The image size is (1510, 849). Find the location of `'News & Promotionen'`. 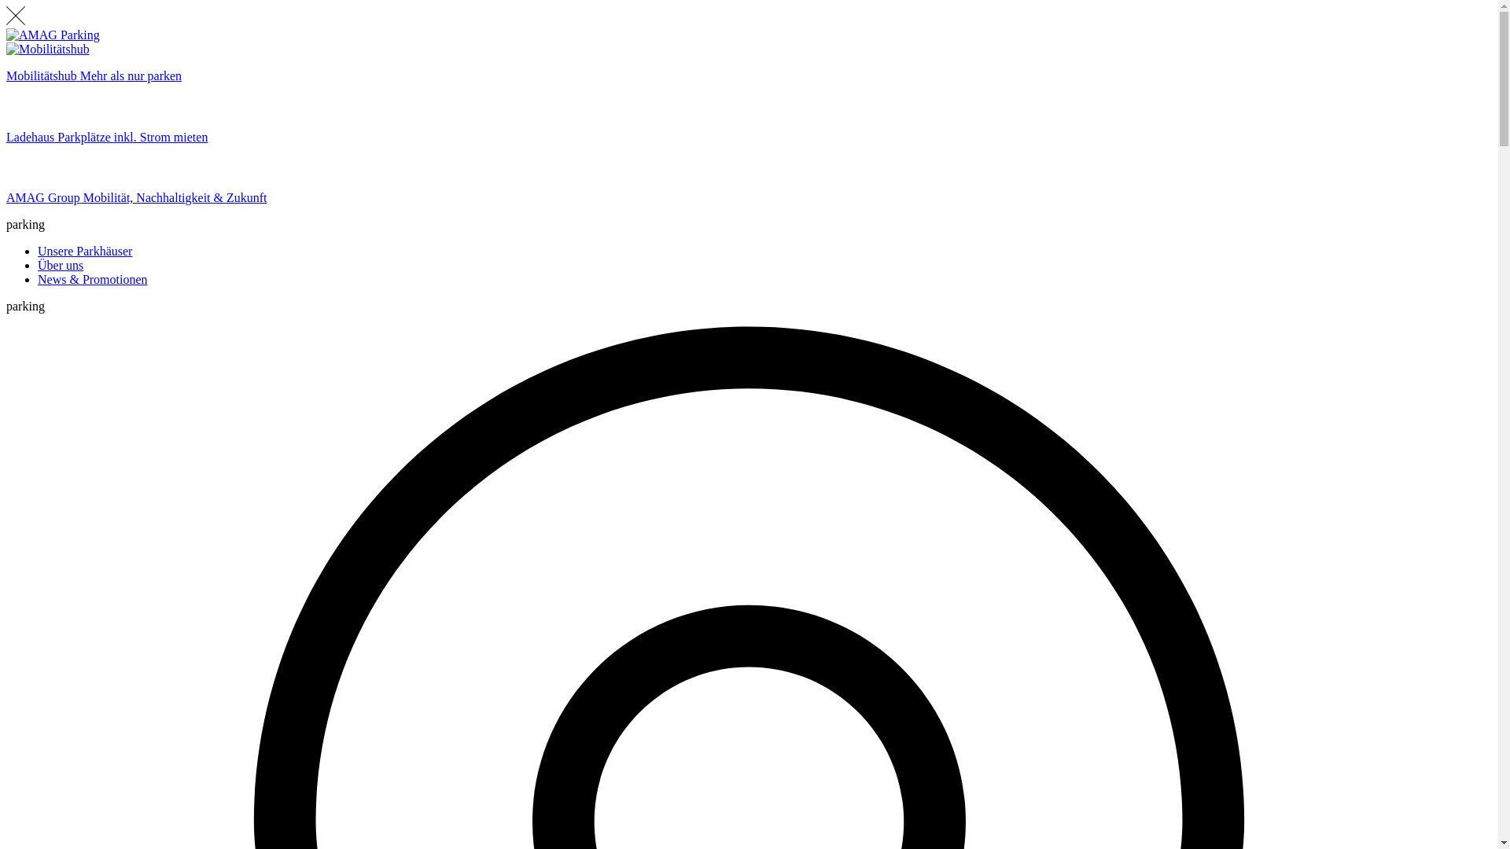

'News & Promotionen' is located at coordinates (92, 278).